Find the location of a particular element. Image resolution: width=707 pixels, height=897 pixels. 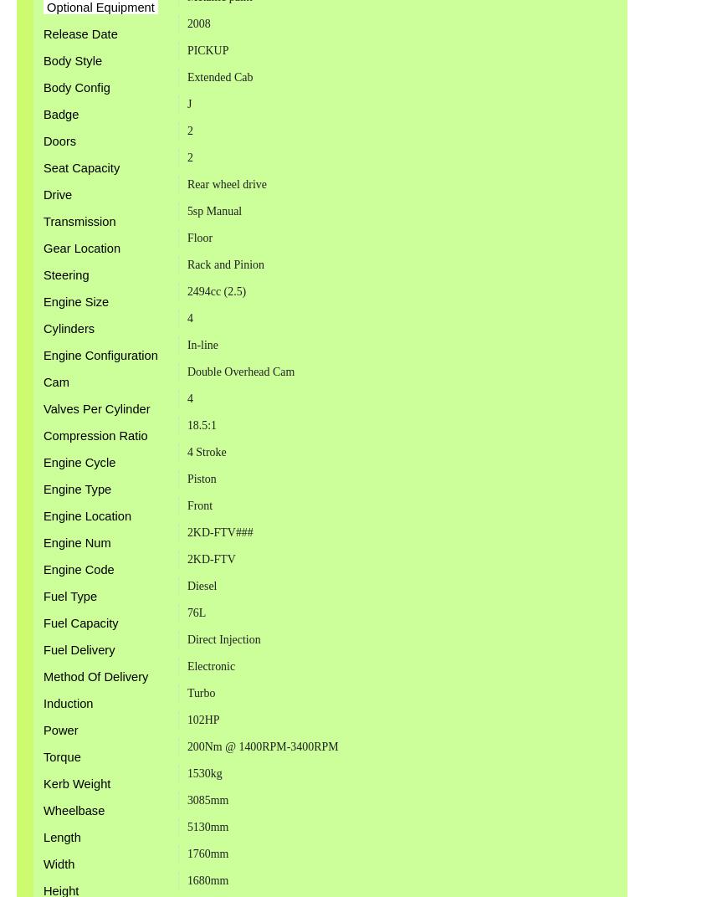

'Floor' is located at coordinates (198, 236).